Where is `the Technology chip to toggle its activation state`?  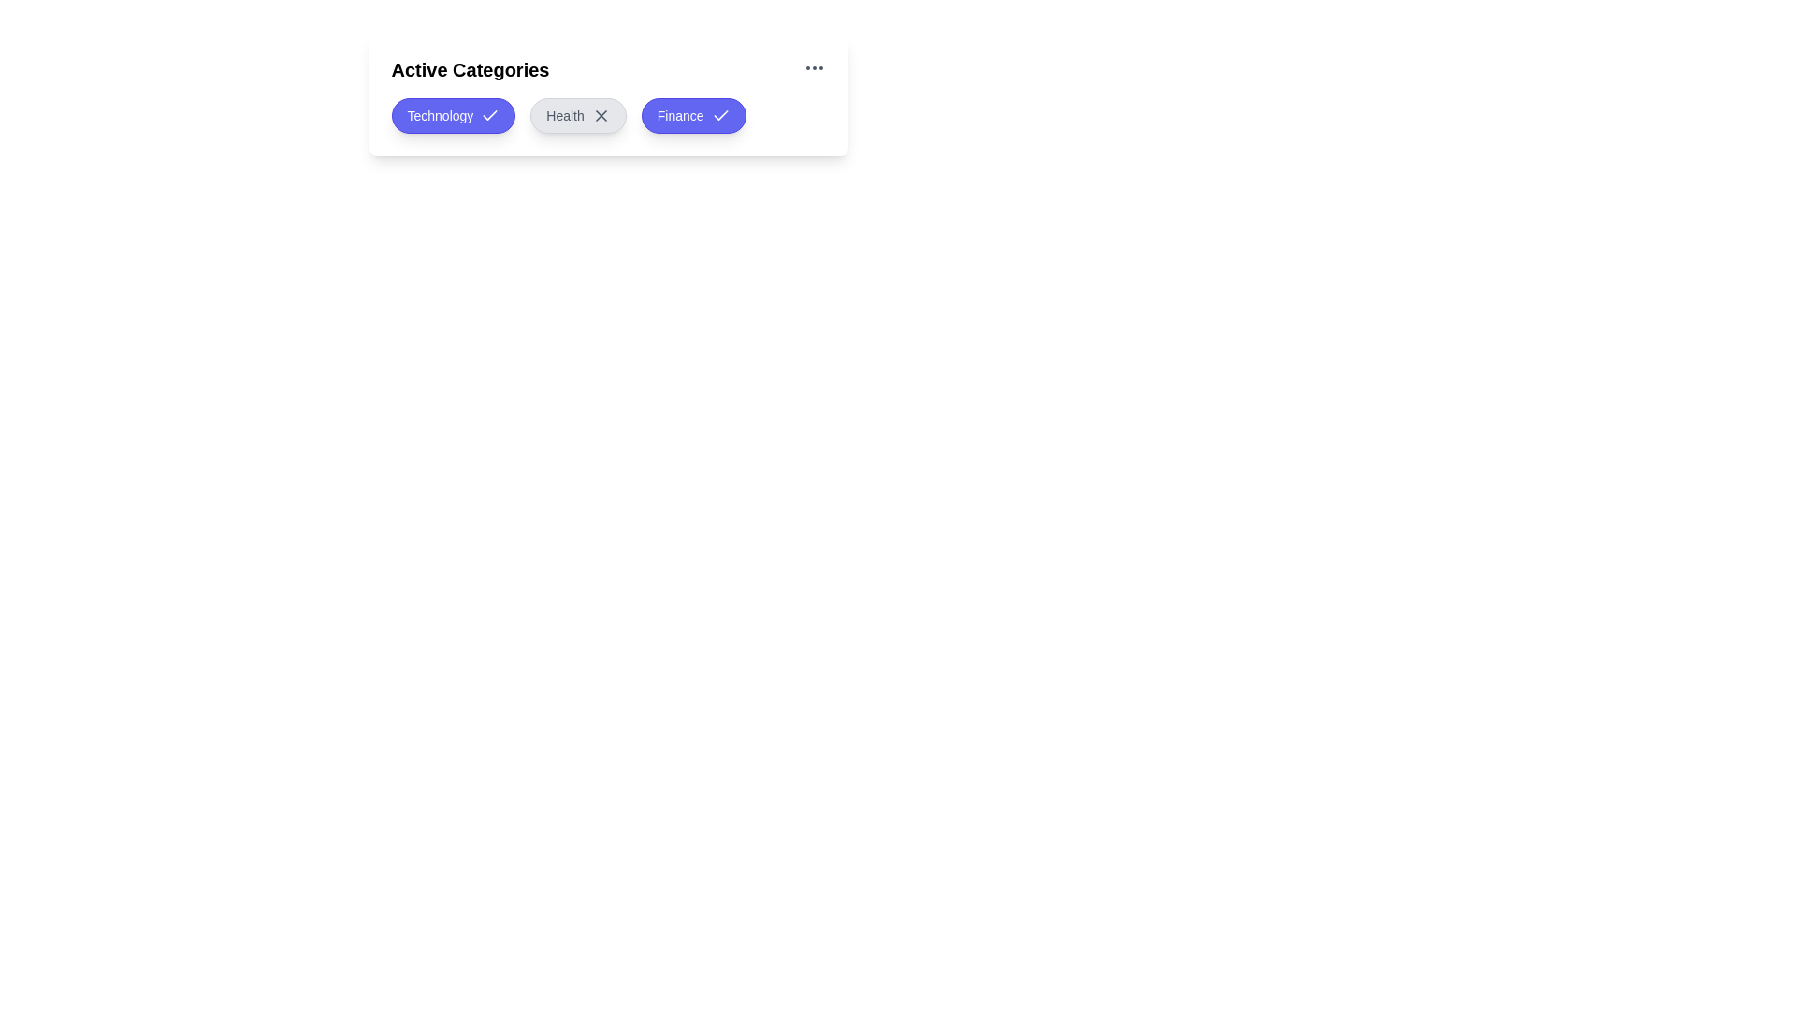
the Technology chip to toggle its activation state is located at coordinates (453, 115).